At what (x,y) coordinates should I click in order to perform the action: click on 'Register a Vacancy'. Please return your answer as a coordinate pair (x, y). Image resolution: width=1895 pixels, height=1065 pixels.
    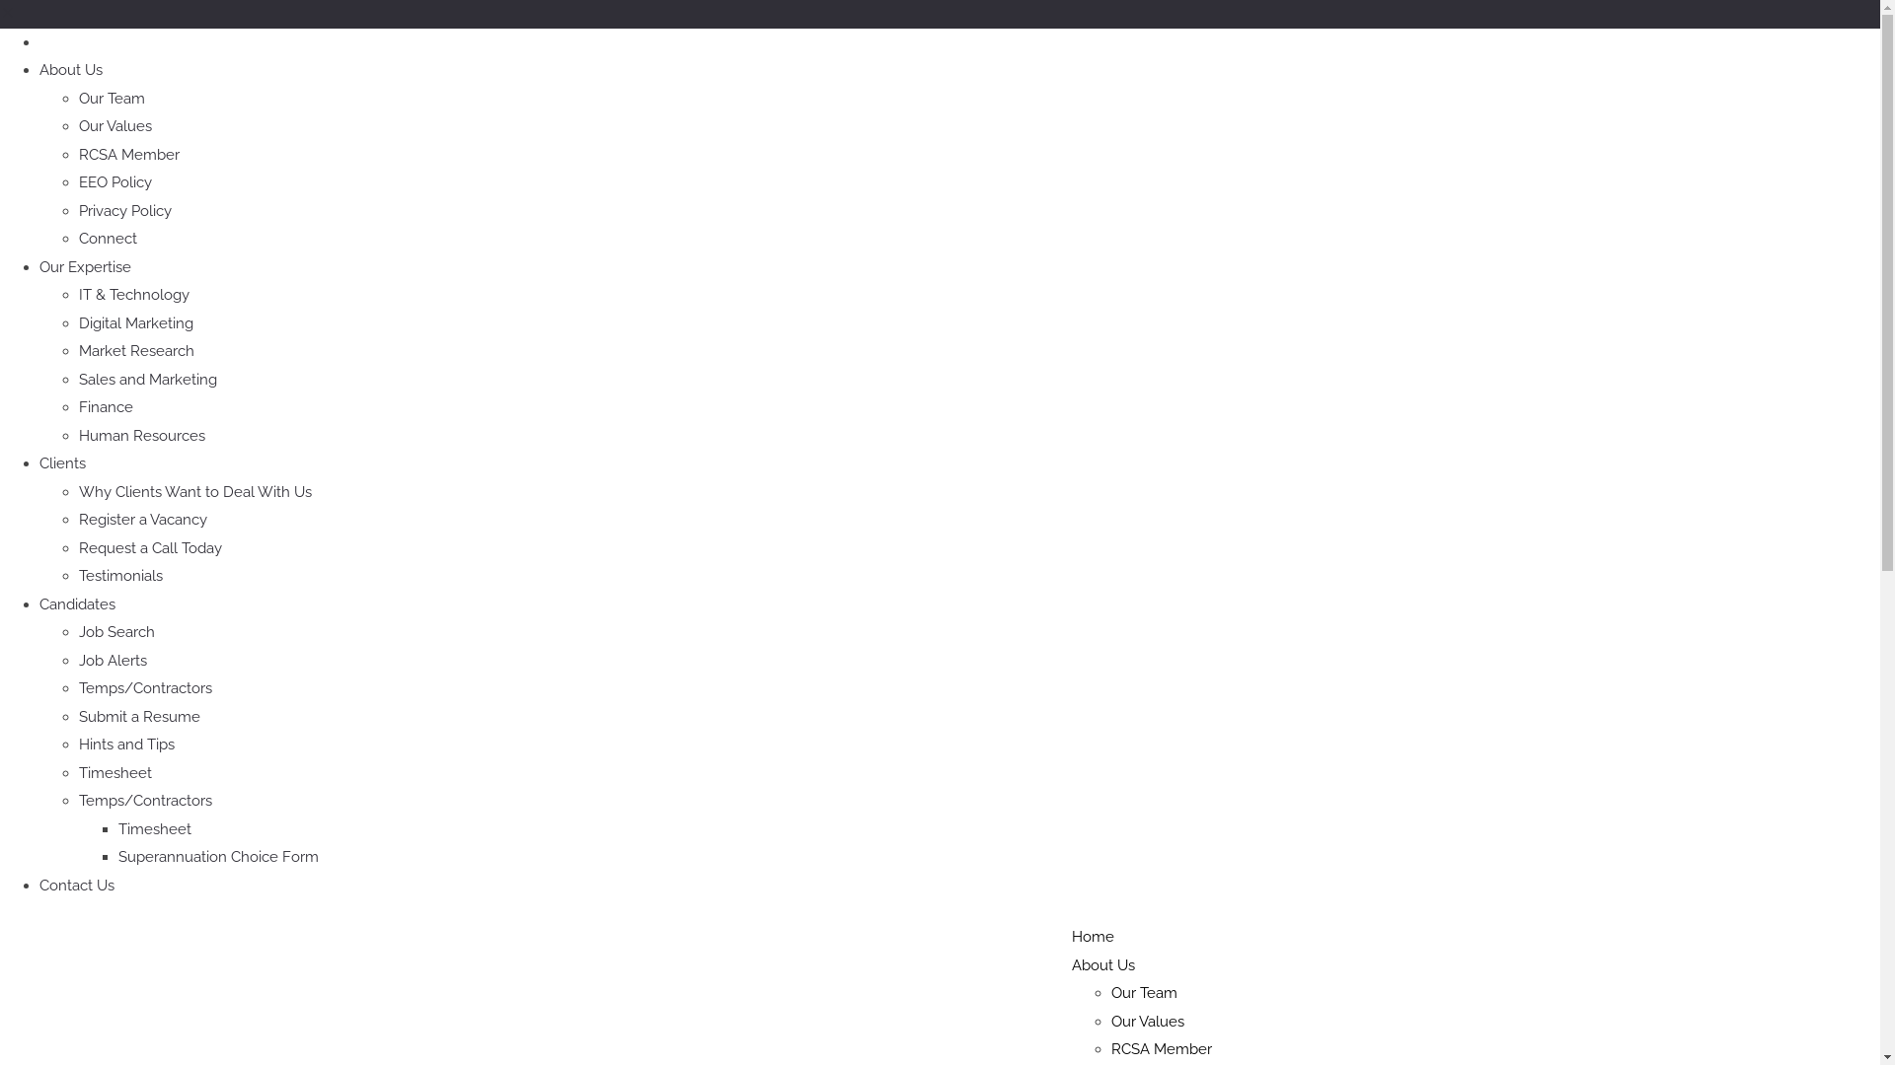
    Looking at the image, I should click on (141, 519).